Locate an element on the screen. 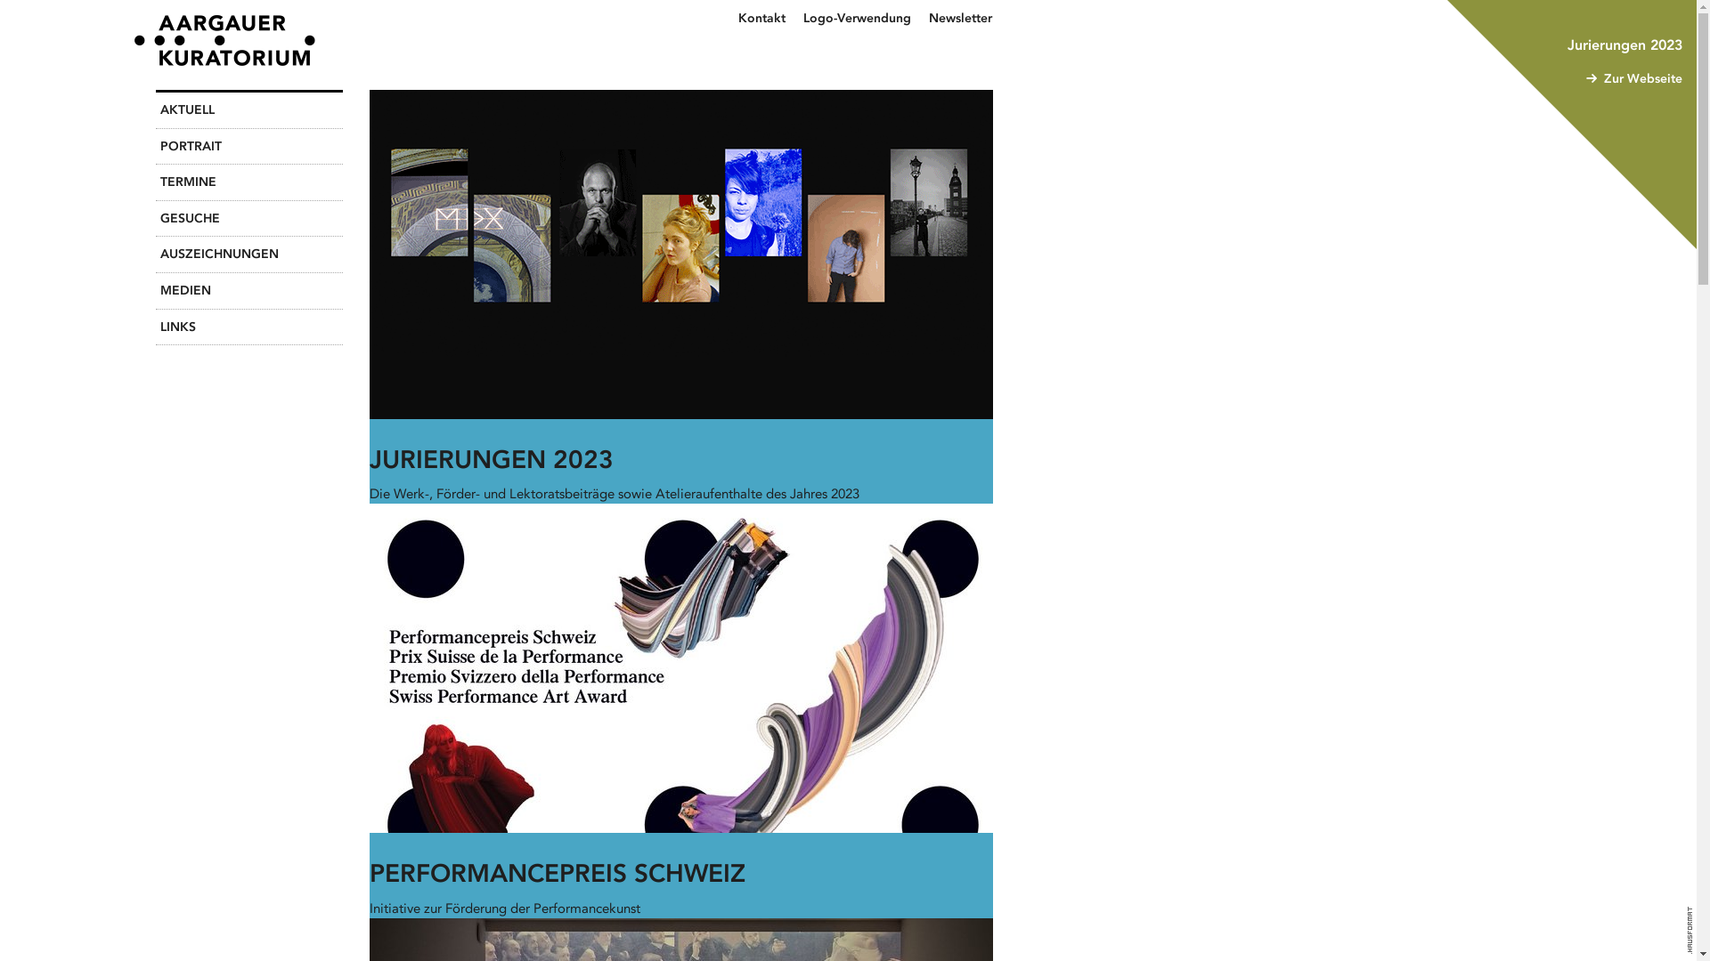 The image size is (1710, 961). 'MEDIEN' is located at coordinates (248, 290).